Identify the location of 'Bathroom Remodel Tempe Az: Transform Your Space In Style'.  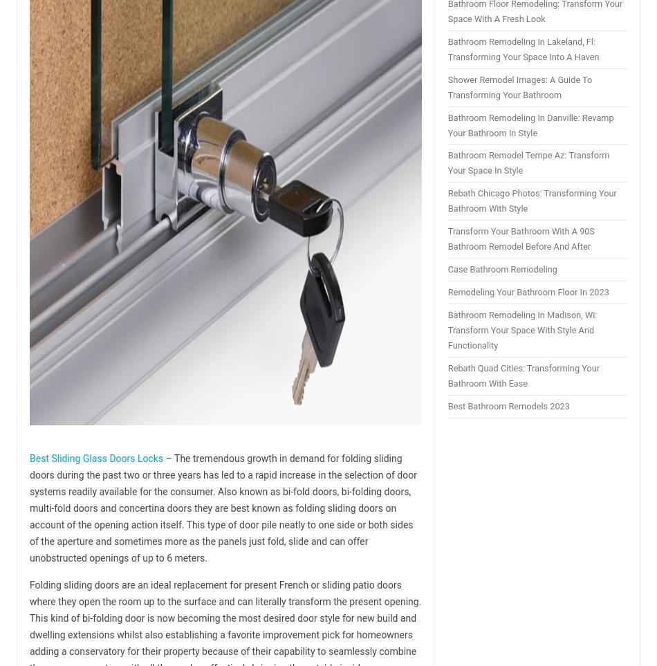
(527, 163).